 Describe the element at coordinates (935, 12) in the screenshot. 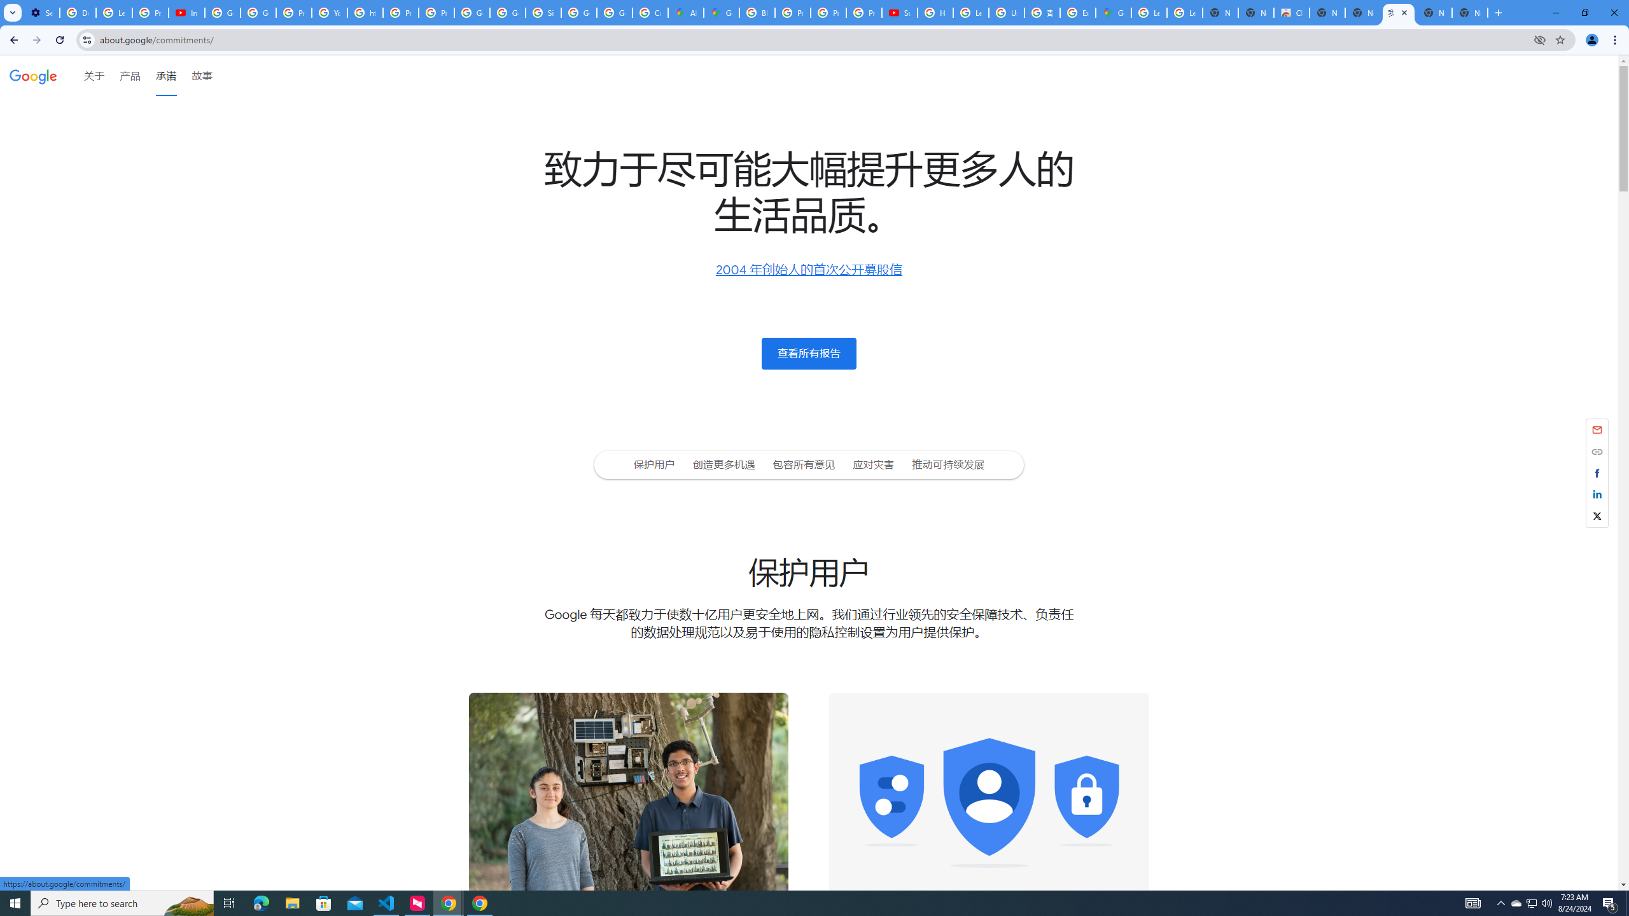

I see `'How Chrome protects your passwords - Google Chrome Help'` at that location.